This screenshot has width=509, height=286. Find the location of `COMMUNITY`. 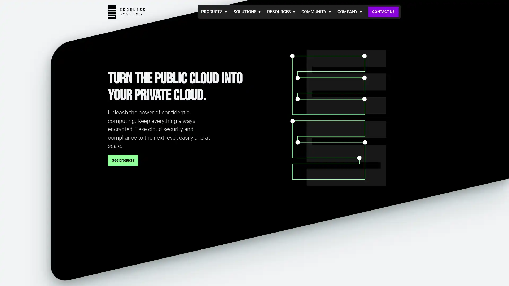

COMMUNITY is located at coordinates (316, 11).